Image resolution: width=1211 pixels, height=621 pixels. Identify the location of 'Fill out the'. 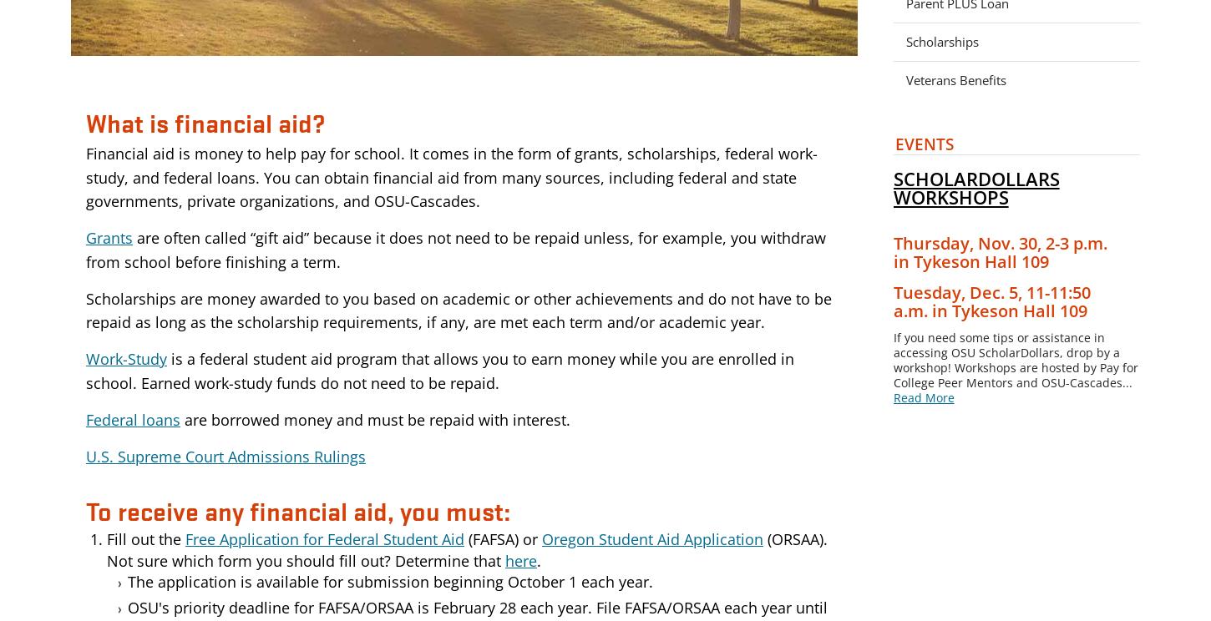
(106, 539).